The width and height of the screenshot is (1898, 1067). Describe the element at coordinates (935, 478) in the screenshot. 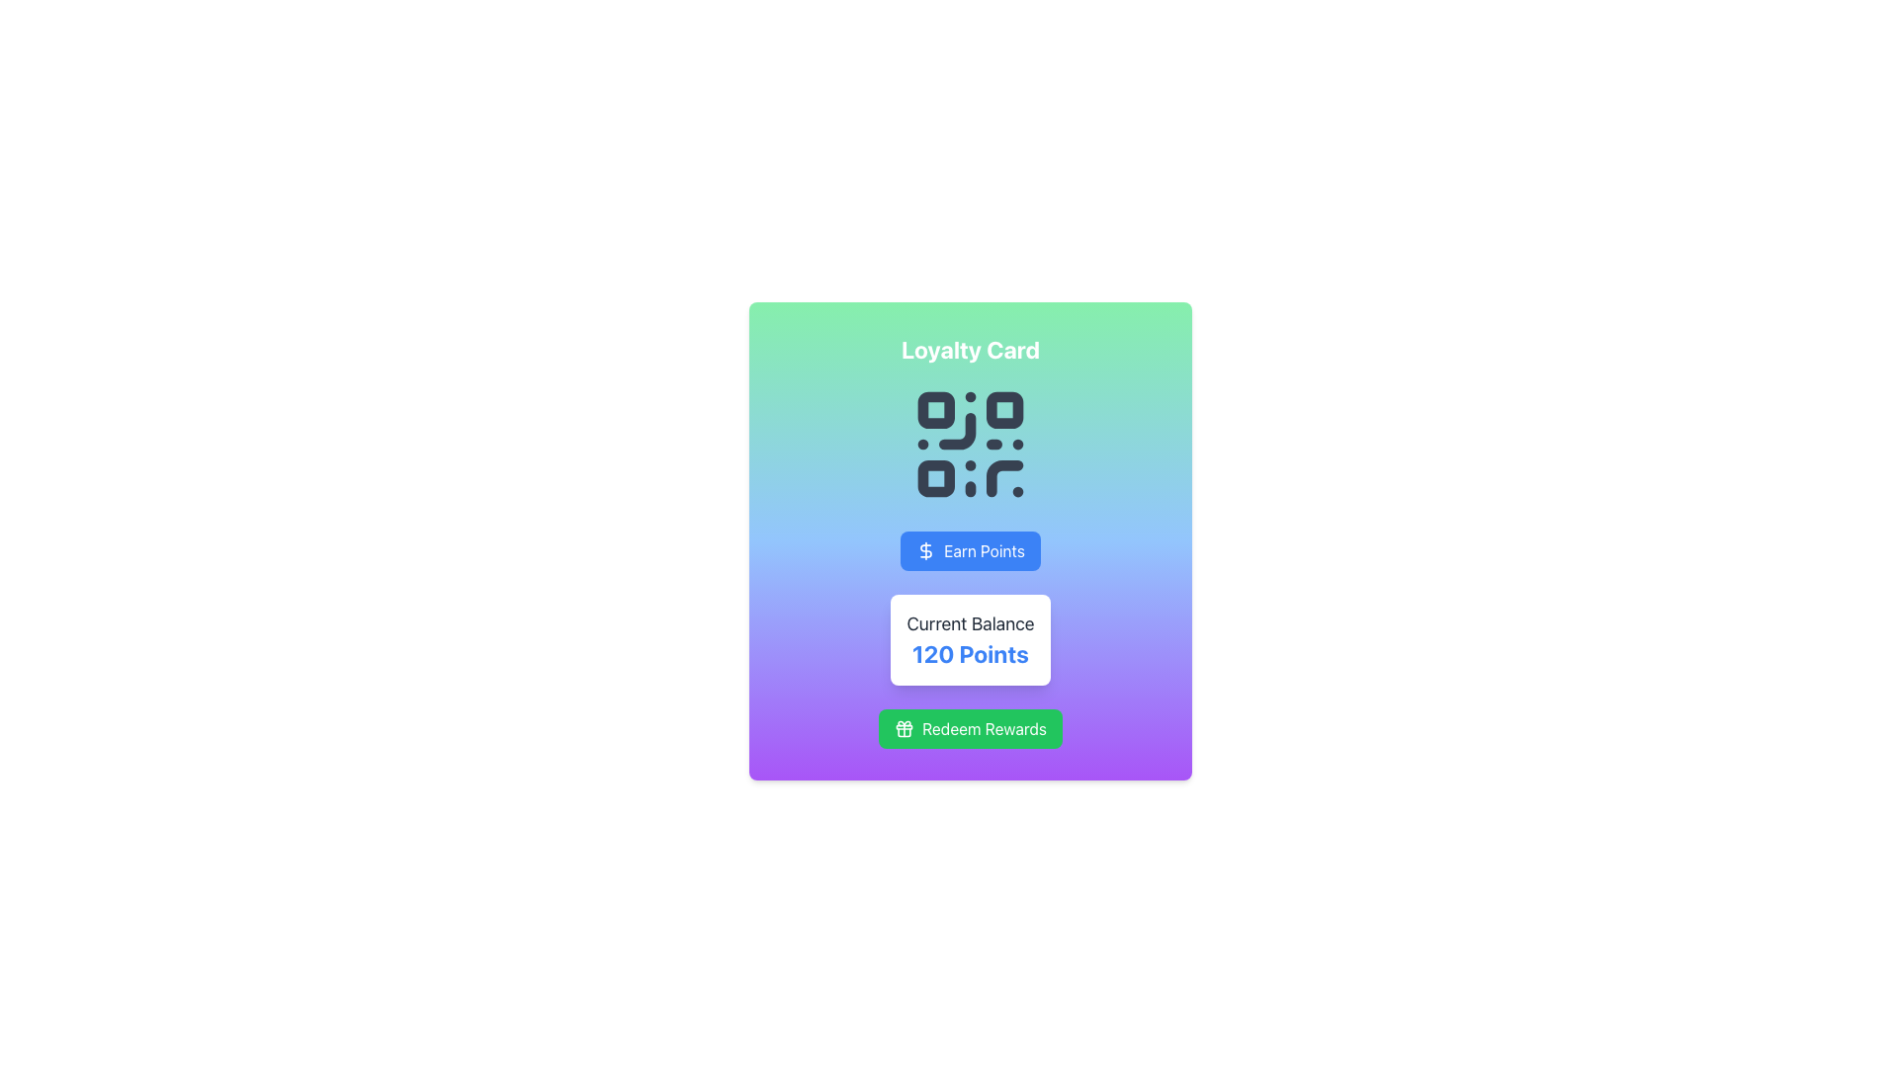

I see `the small, square-shaped glyph with rounded corners located at the bottom-left corner of the QR code area, which is the third square glyph in the grid-like arrangement` at that location.